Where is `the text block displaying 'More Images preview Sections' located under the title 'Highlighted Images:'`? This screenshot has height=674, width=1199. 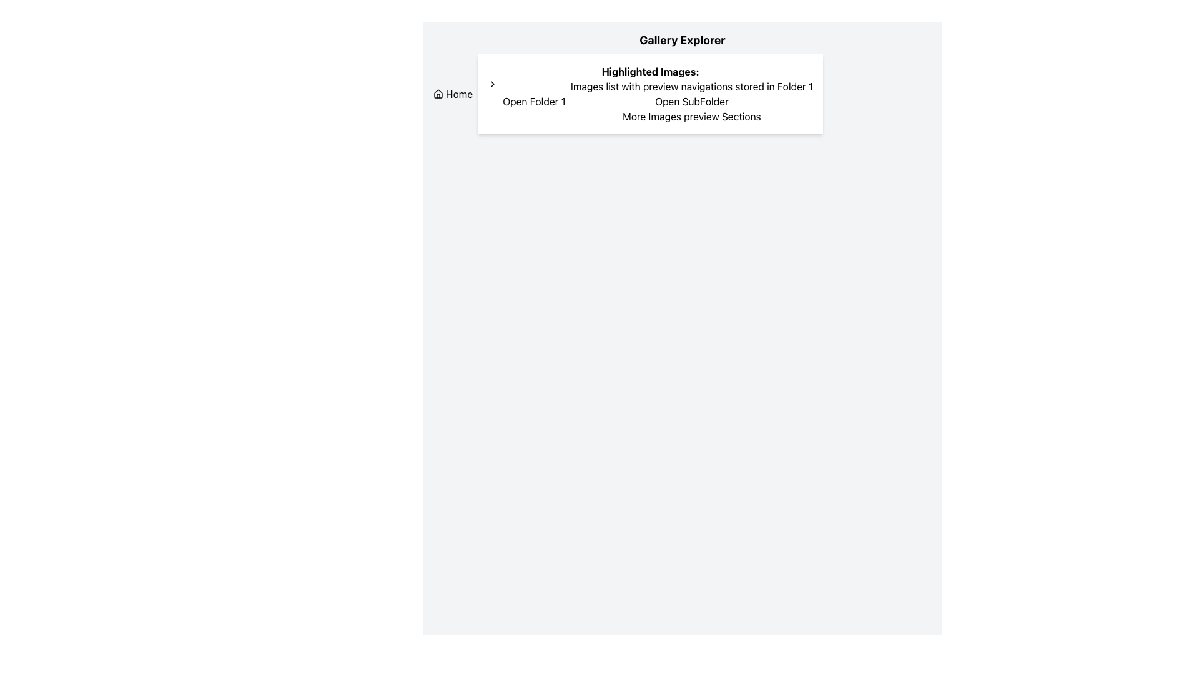
the text block displaying 'More Images preview Sections' located under the title 'Highlighted Images:' is located at coordinates (691, 116).